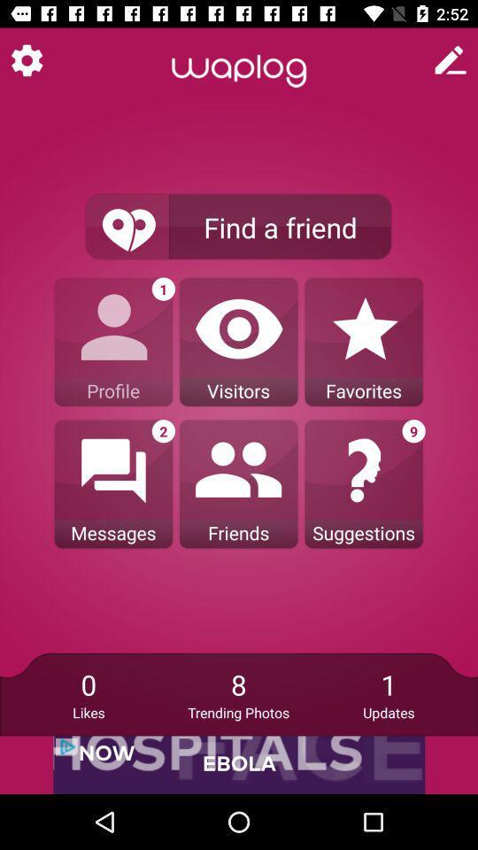 The width and height of the screenshot is (478, 850). What do you see at coordinates (451, 60) in the screenshot?
I see `the edit icon` at bounding box center [451, 60].